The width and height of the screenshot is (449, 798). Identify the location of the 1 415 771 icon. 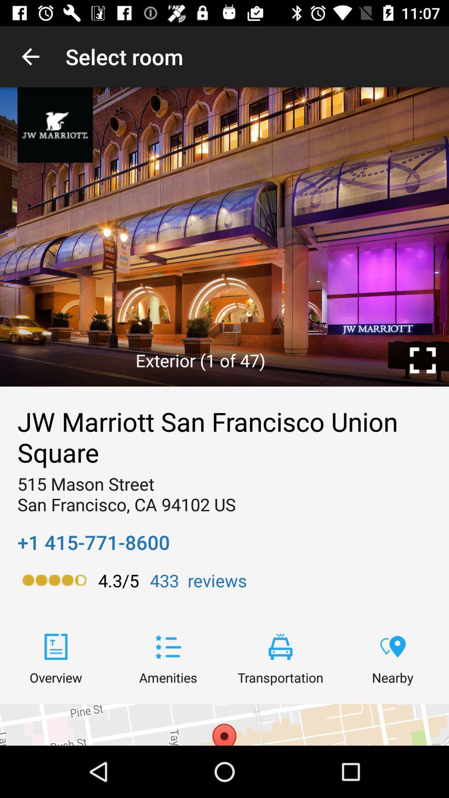
(94, 542).